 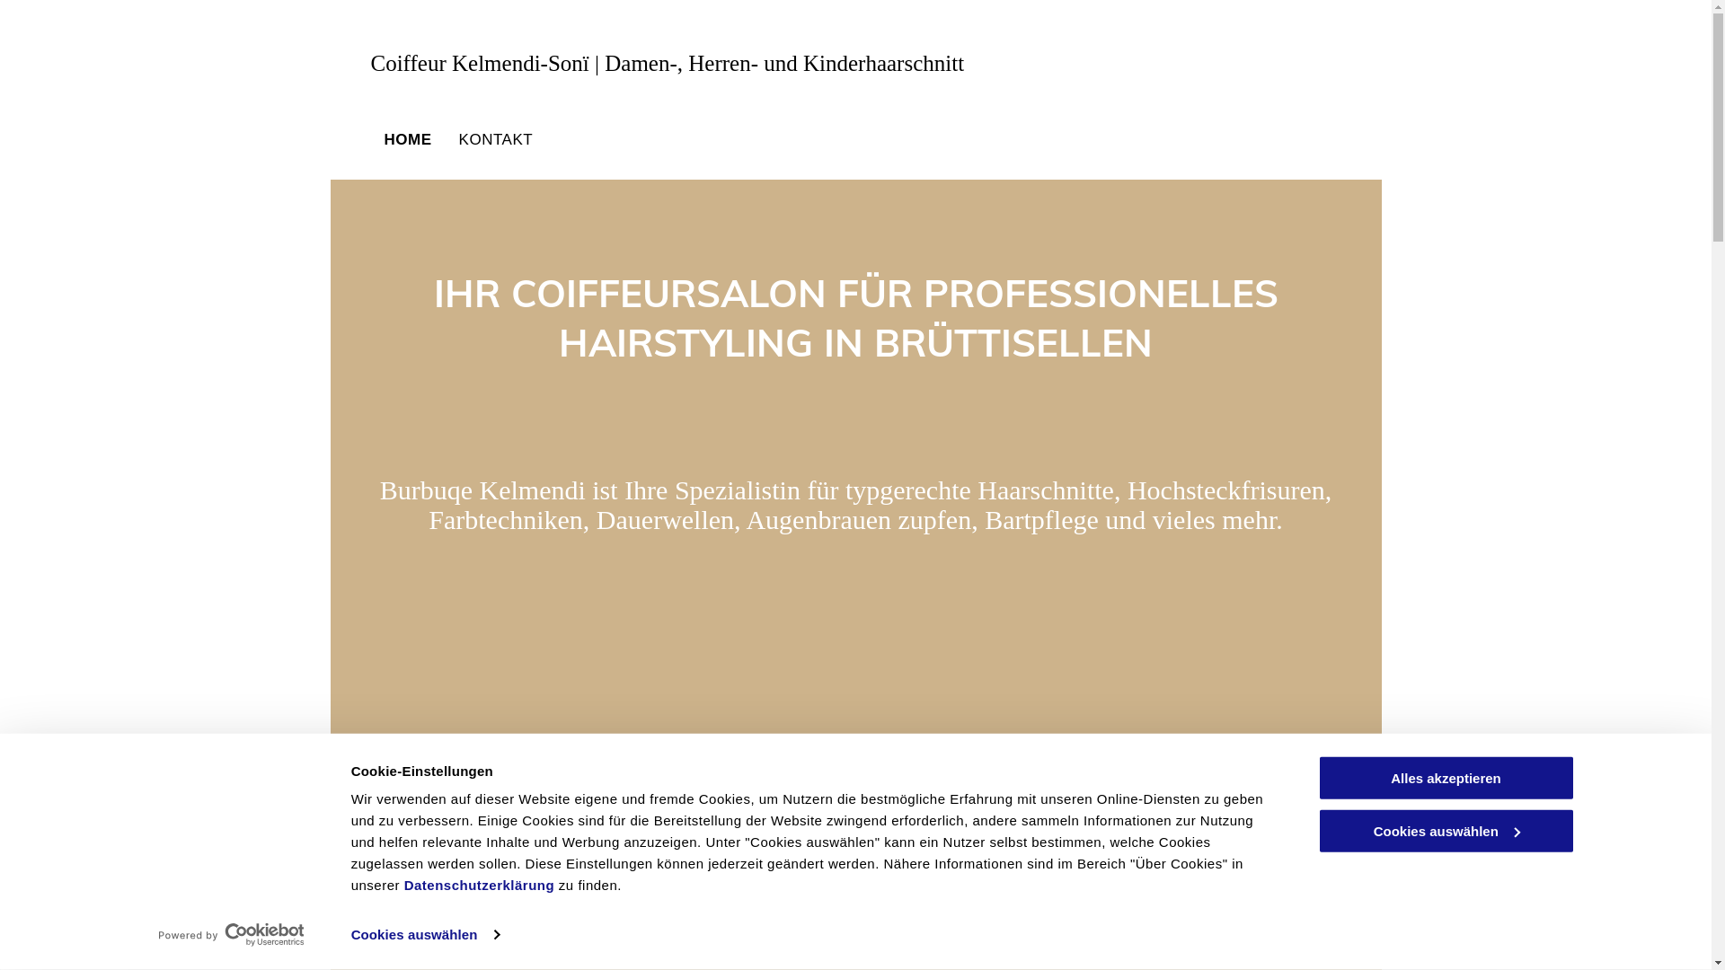 What do you see at coordinates (1445, 777) in the screenshot?
I see `'Alles akzeptieren'` at bounding box center [1445, 777].